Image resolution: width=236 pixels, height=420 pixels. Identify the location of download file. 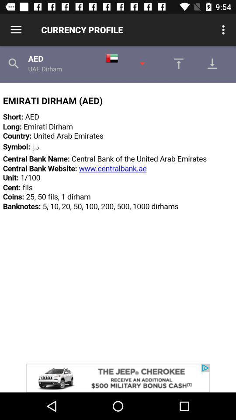
(214, 63).